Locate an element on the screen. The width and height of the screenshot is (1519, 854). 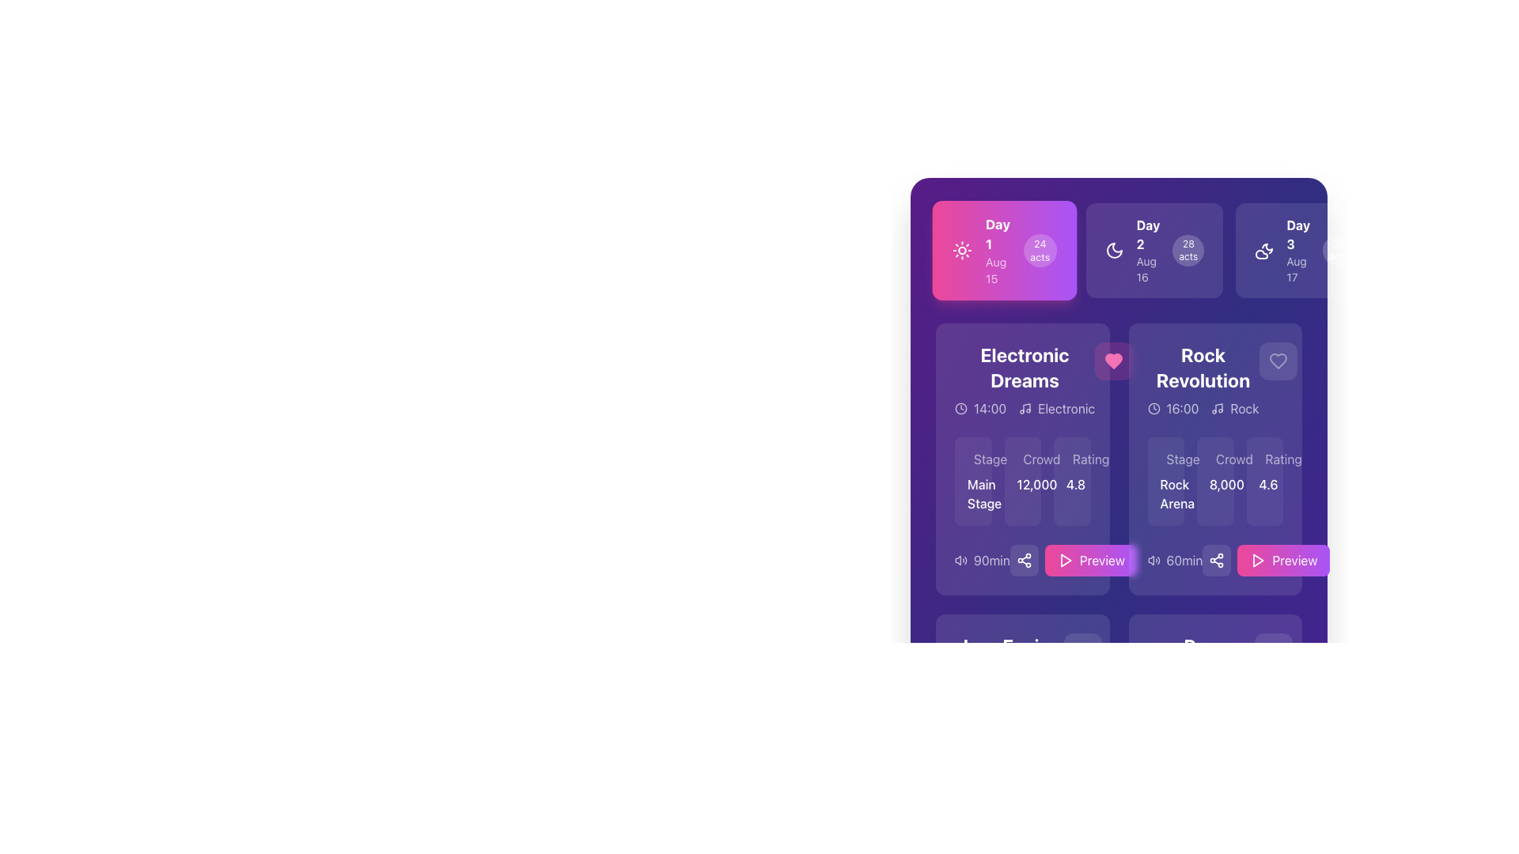
the text label displaying '16:00', which is styled in white on a dark purple background, located beneath the title 'Rock Revolution' in the right card of the event details layout is located at coordinates (1182, 407).